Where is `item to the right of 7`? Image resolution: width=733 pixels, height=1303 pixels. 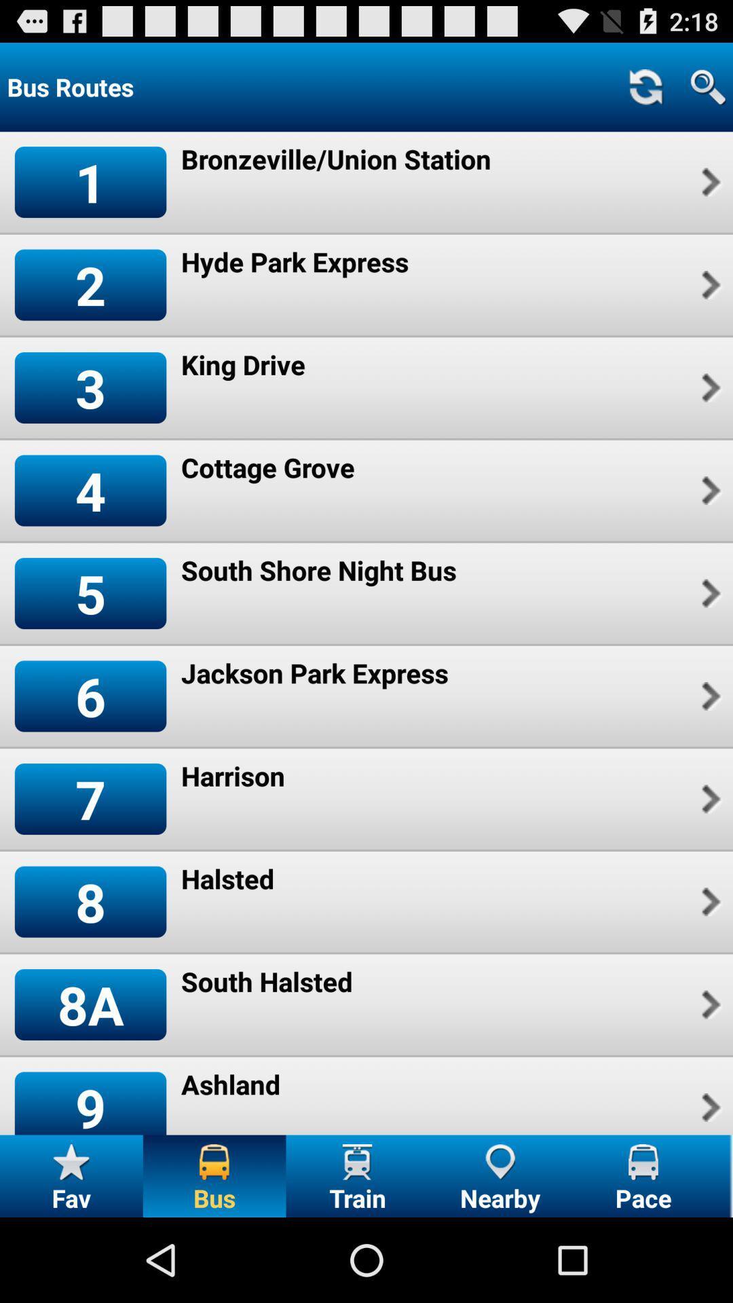
item to the right of 7 is located at coordinates (232, 776).